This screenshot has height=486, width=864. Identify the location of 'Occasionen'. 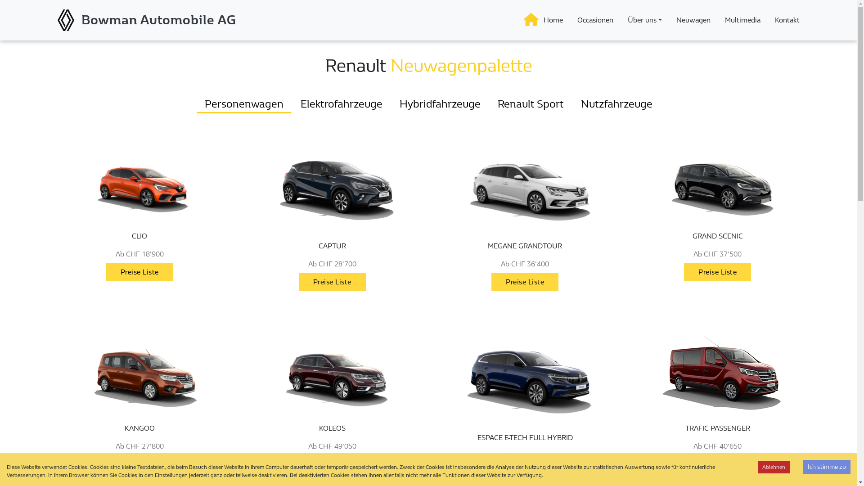
(595, 20).